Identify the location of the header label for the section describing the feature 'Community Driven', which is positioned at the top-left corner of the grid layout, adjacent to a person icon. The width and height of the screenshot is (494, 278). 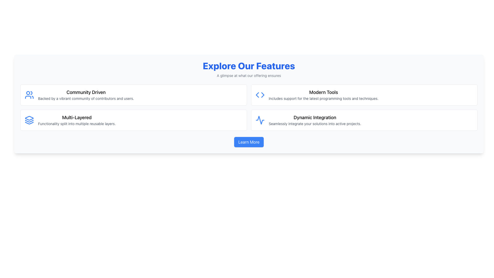
(86, 92).